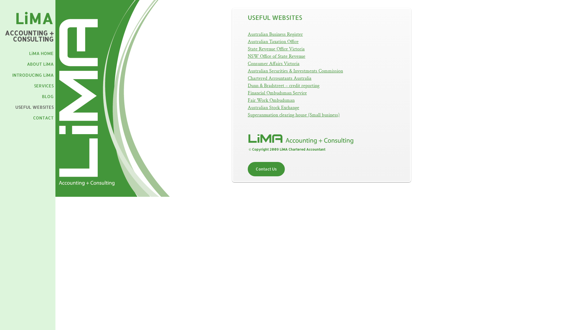  I want to click on 'Australian Taxation Office', so click(273, 41).